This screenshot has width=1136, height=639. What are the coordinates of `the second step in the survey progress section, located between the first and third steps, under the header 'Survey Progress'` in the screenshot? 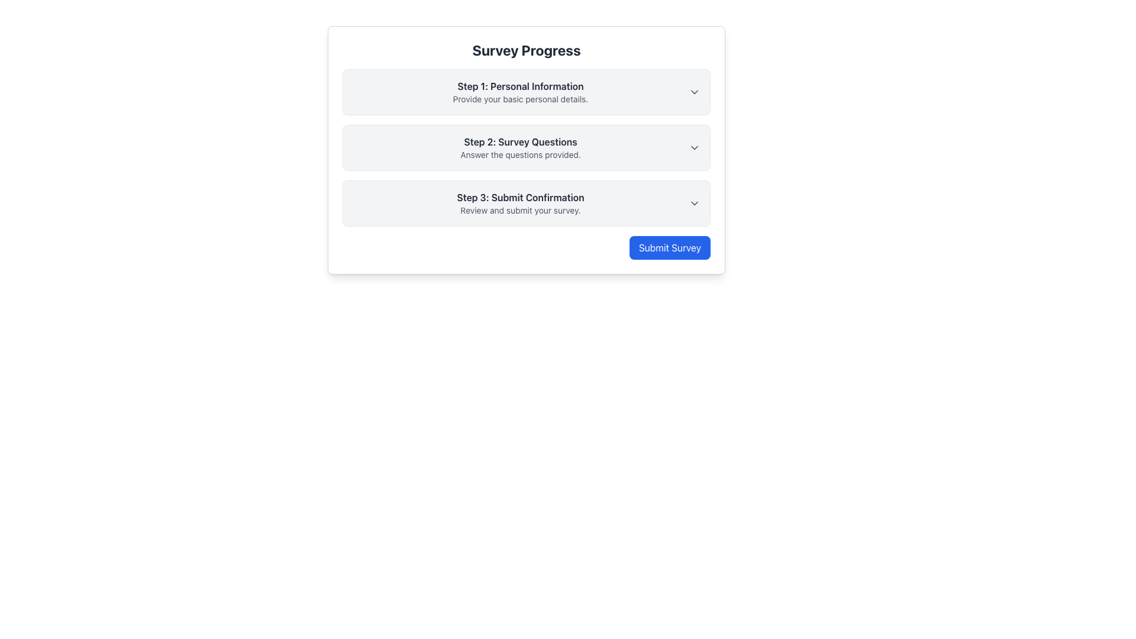 It's located at (525, 150).